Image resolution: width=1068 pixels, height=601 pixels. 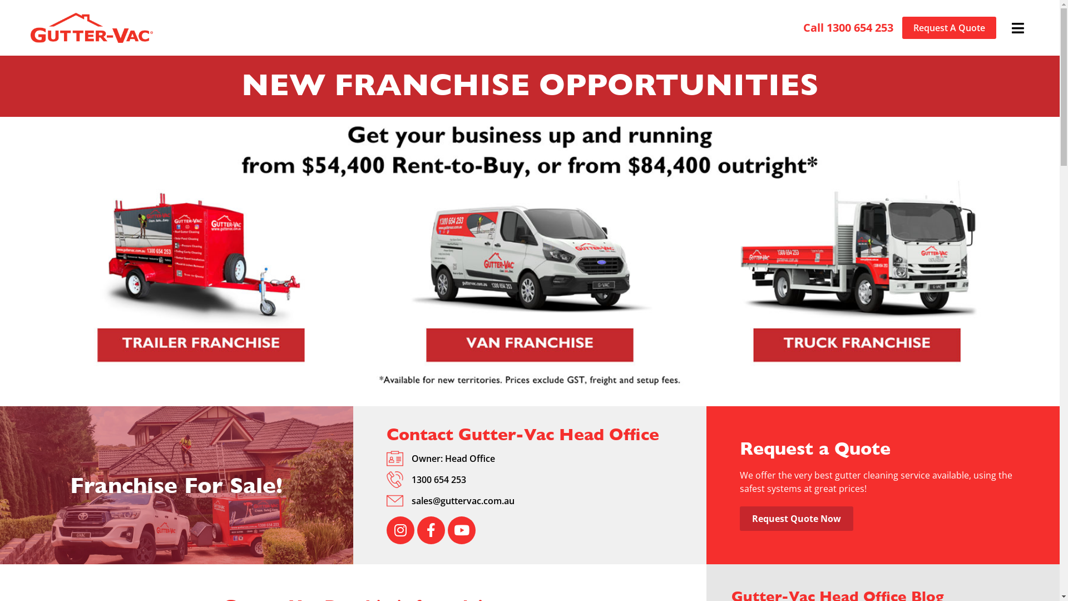 What do you see at coordinates (948, 27) in the screenshot?
I see `'Request A Quote'` at bounding box center [948, 27].